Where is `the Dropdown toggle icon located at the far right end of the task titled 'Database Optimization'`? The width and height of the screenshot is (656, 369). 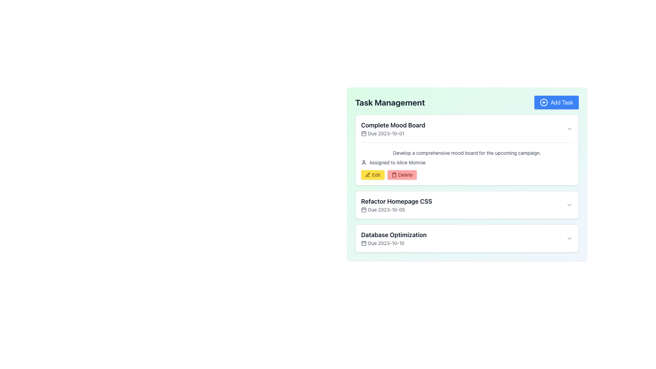 the Dropdown toggle icon located at the far right end of the task titled 'Database Optimization' is located at coordinates (569, 238).